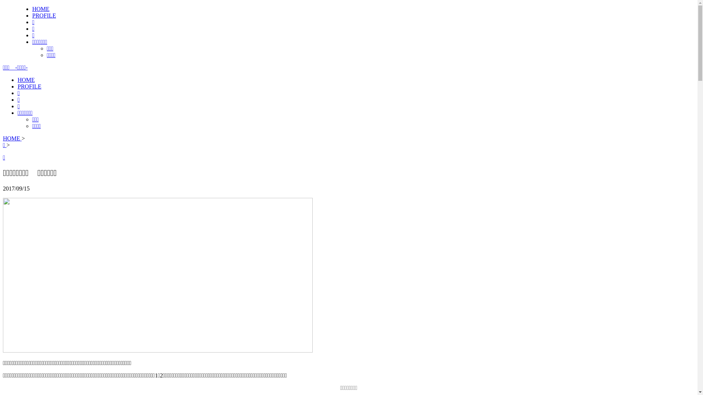 The width and height of the screenshot is (703, 395). Describe the element at coordinates (29, 86) in the screenshot. I see `'PROFILE'` at that location.